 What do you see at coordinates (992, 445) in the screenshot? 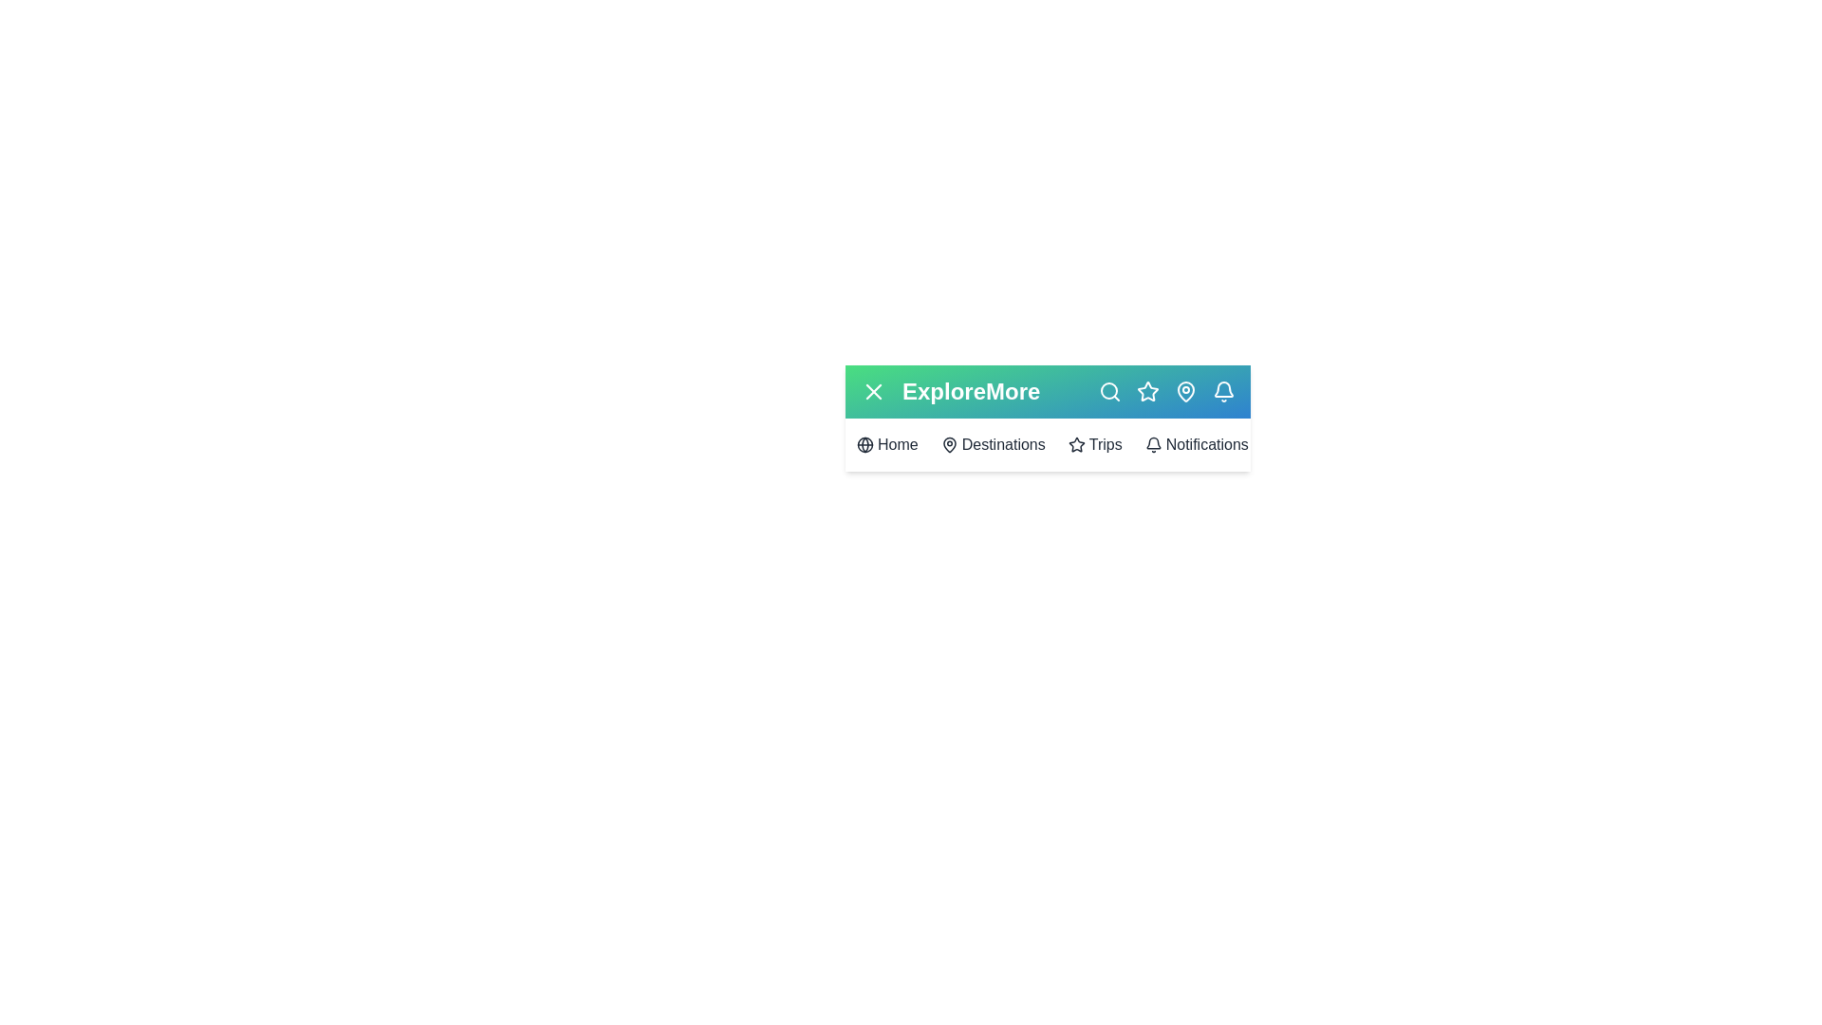
I see `the 'Destinations' menu item to navigate to the 'Destinations' section` at bounding box center [992, 445].